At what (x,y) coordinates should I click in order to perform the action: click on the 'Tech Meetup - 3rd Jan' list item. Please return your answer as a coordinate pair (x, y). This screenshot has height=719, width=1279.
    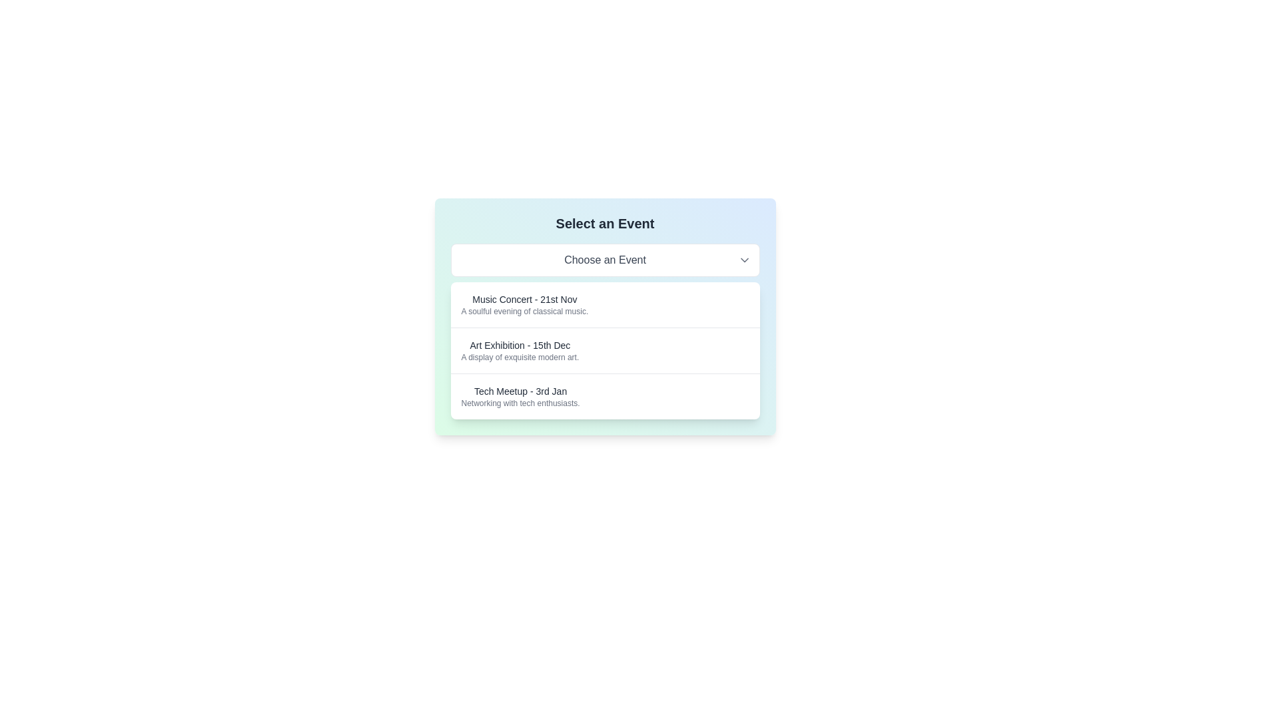
    Looking at the image, I should click on (520, 396).